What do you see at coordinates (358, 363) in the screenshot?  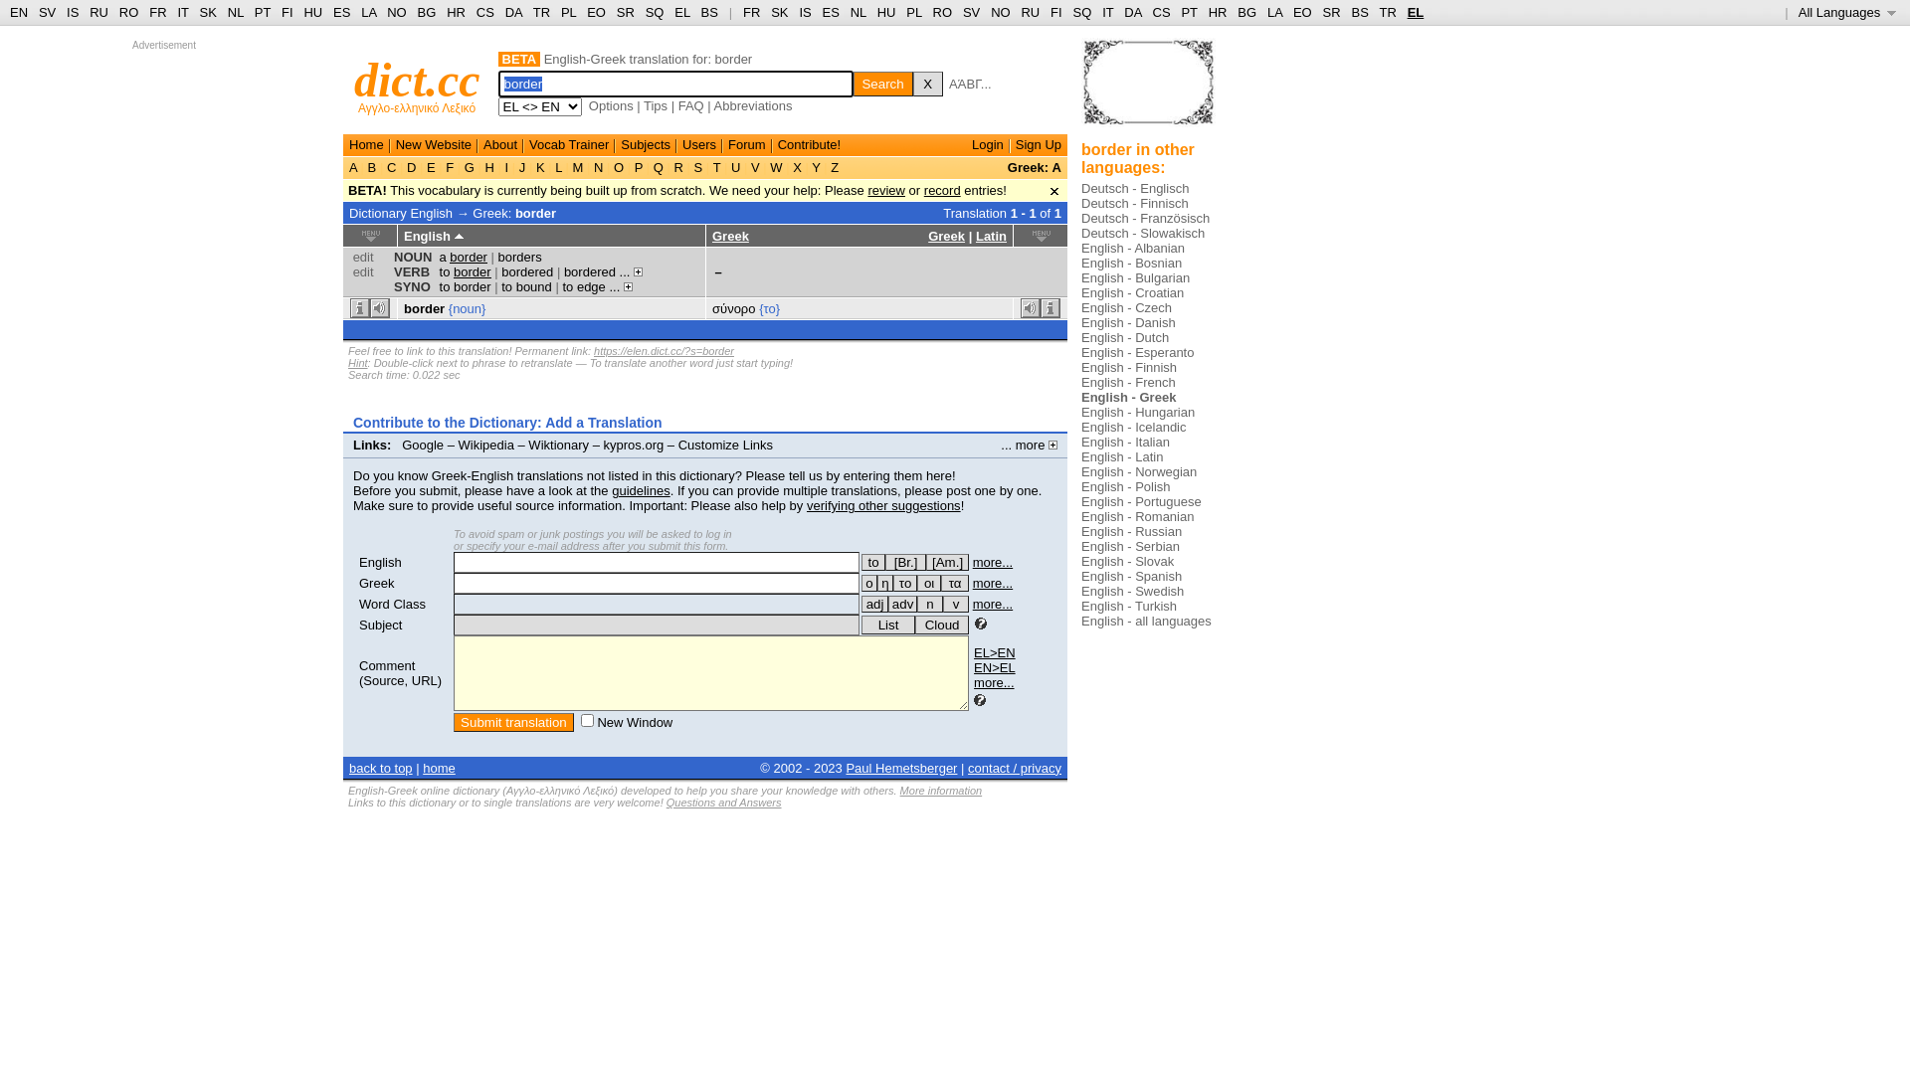 I see `'Hint'` at bounding box center [358, 363].